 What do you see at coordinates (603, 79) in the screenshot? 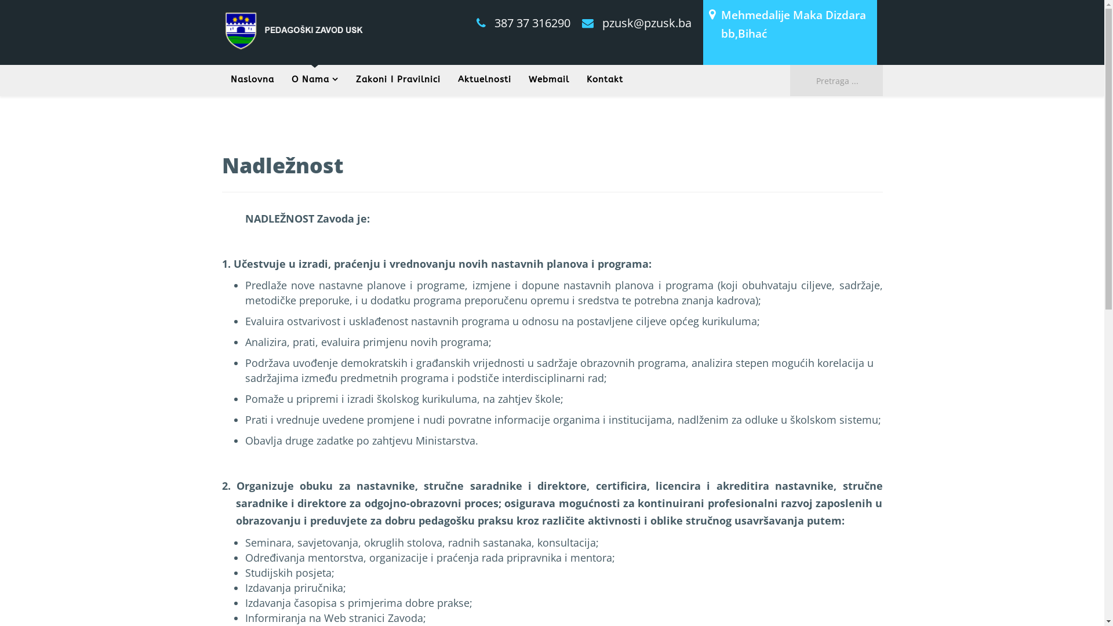
I see `'Kontakt'` at bounding box center [603, 79].